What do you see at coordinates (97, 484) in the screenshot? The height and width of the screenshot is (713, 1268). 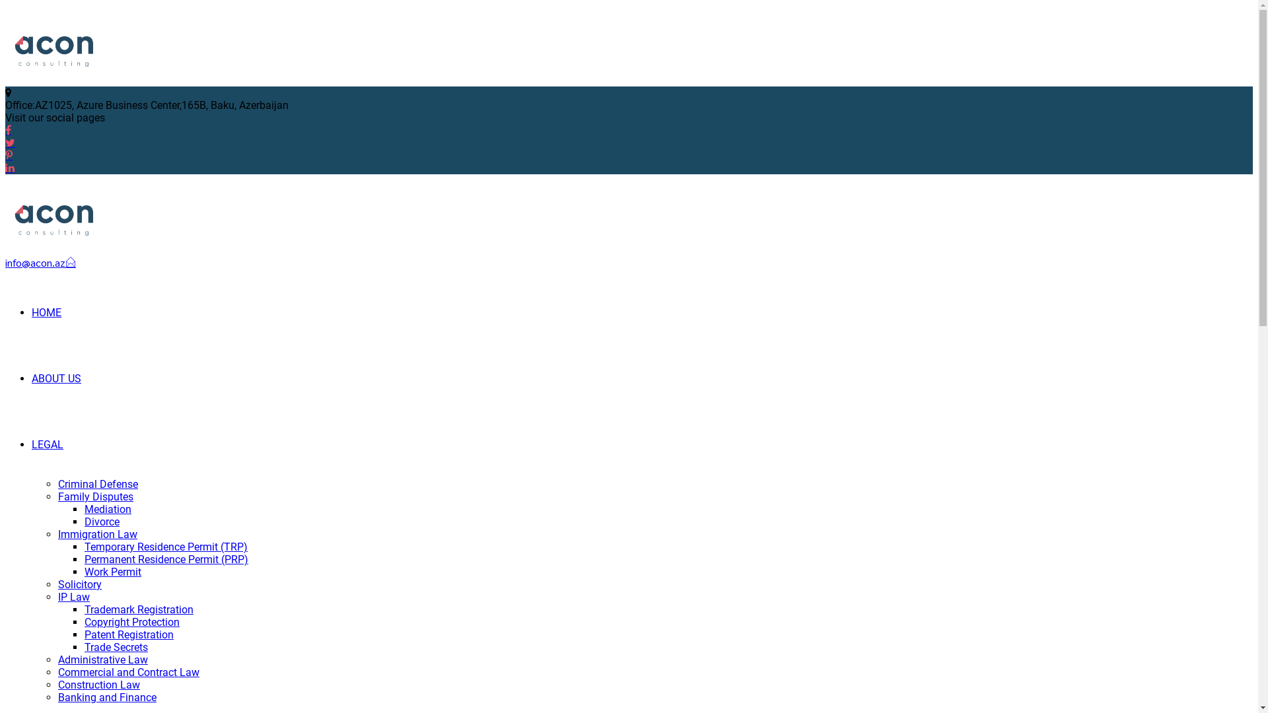 I see `'Criminal Defense'` at bounding box center [97, 484].